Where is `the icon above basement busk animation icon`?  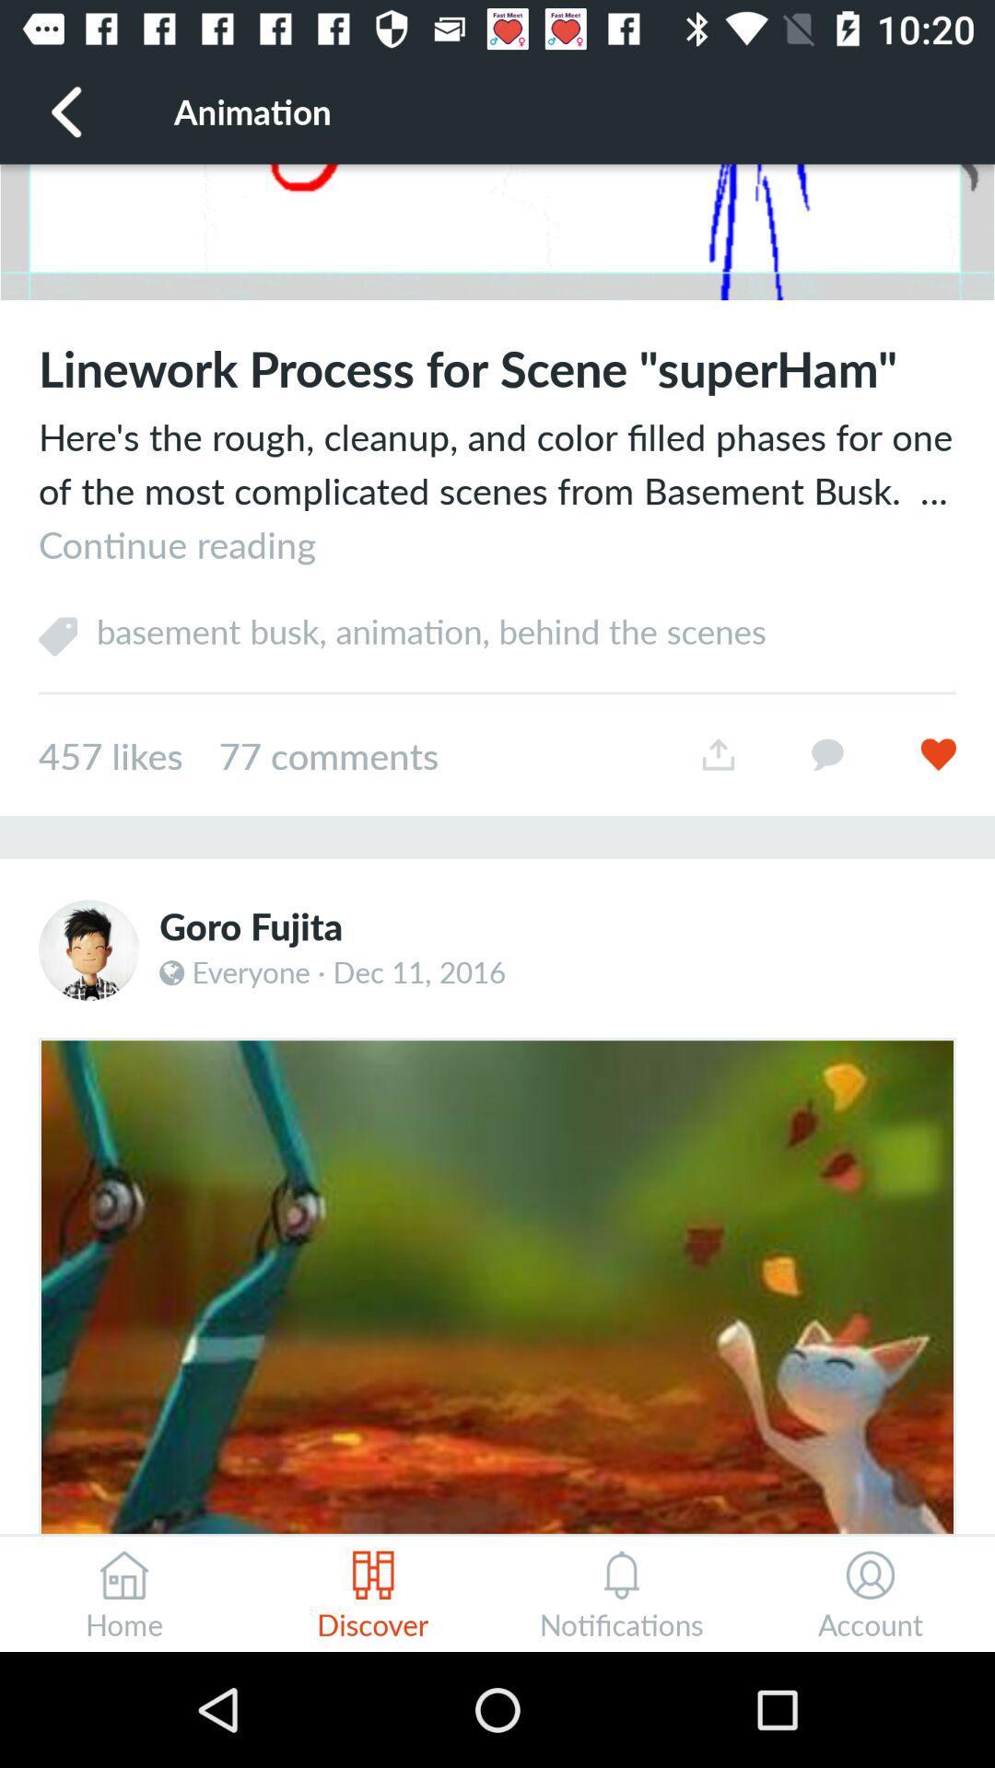
the icon above basement busk animation icon is located at coordinates (497, 490).